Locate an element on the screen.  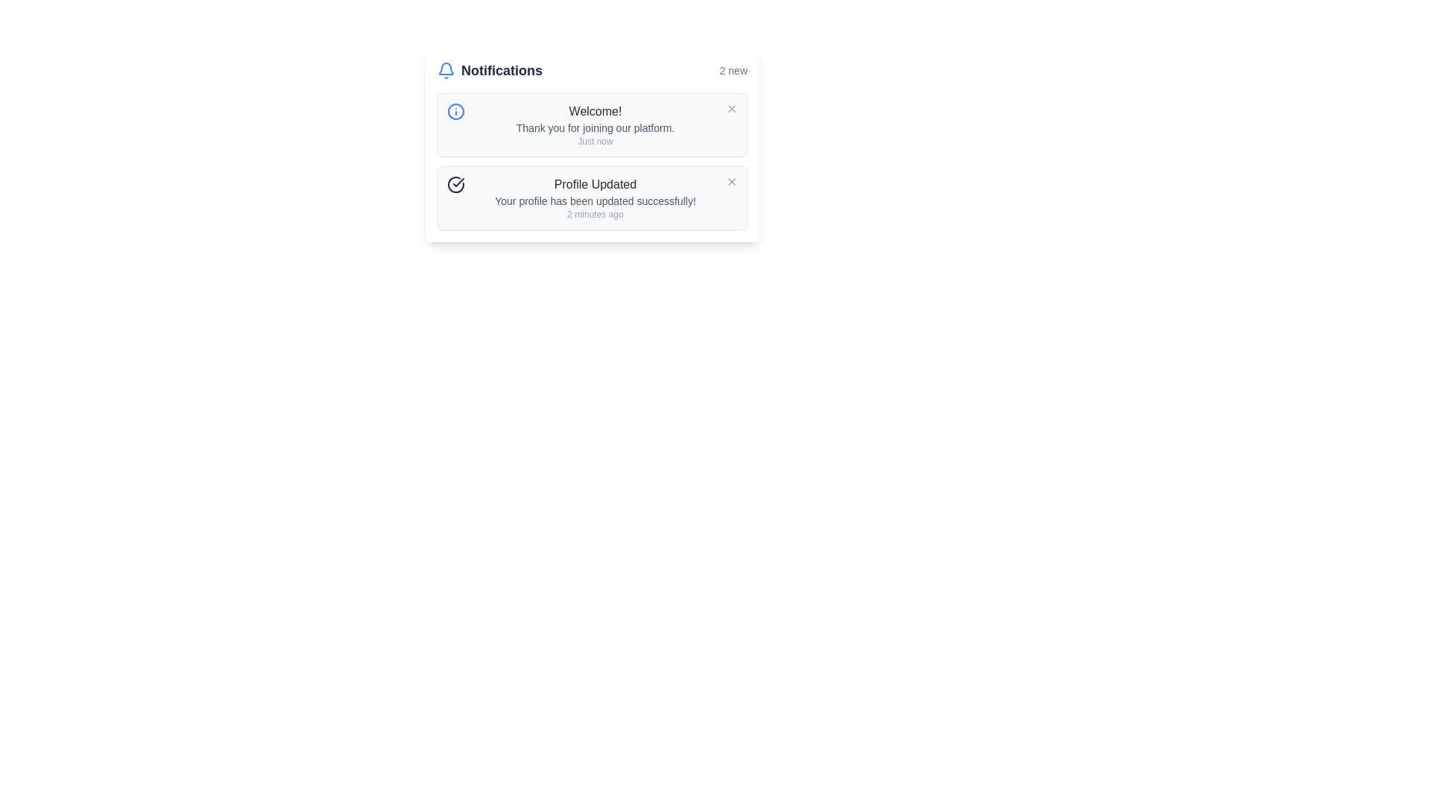
the Circle element of the information icon located to the left of the 'Welcome!' heading in the first notification card of the notification panel is located at coordinates (455, 111).